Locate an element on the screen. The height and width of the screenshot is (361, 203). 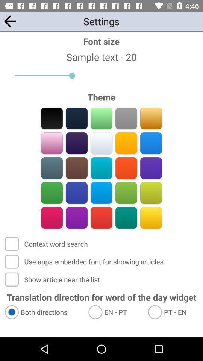
go back is located at coordinates (9, 21).